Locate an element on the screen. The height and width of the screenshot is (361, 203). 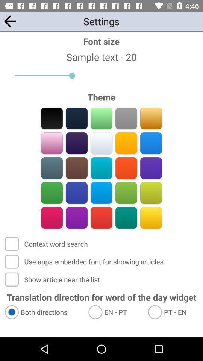
go back is located at coordinates (9, 21).